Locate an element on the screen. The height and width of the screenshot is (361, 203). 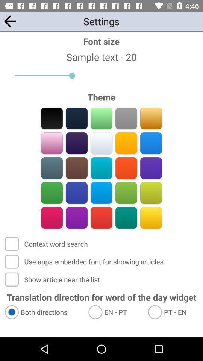
go back is located at coordinates (9, 21).